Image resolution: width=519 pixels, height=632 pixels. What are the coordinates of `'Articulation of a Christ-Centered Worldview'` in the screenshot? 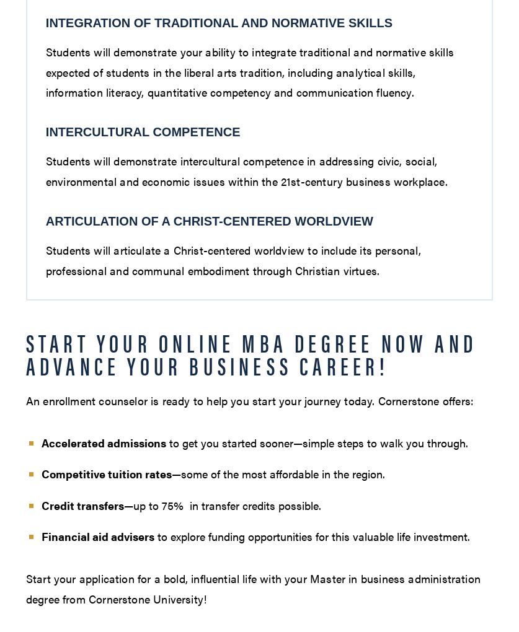 It's located at (208, 221).